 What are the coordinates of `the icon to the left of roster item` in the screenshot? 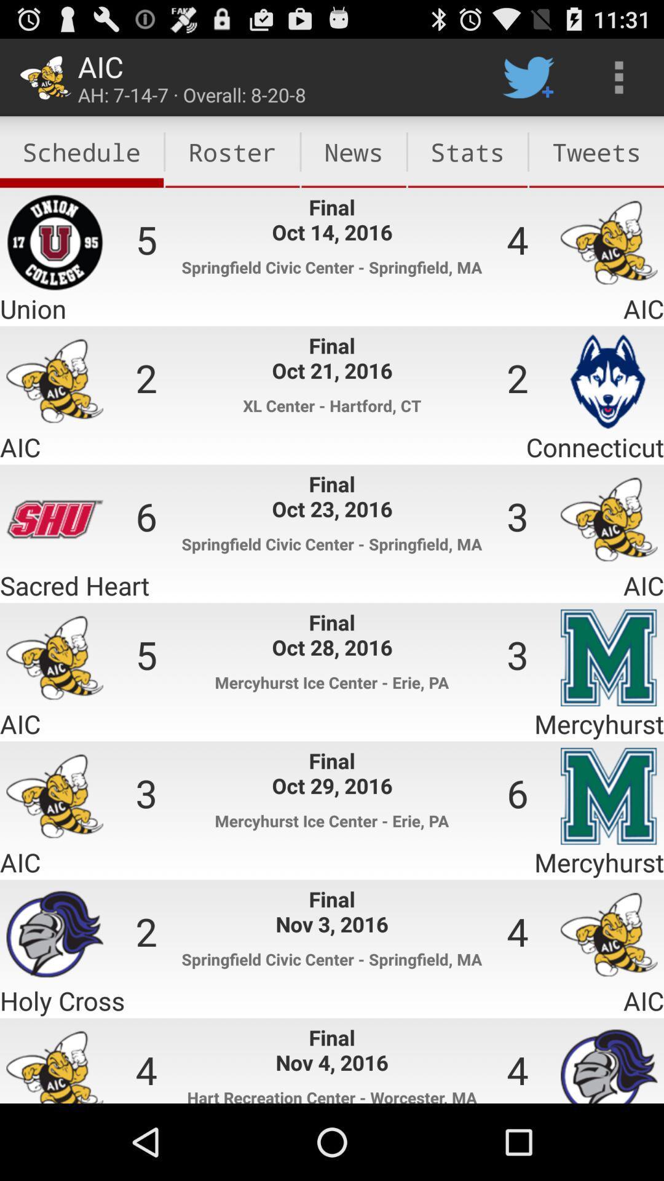 It's located at (82, 151).